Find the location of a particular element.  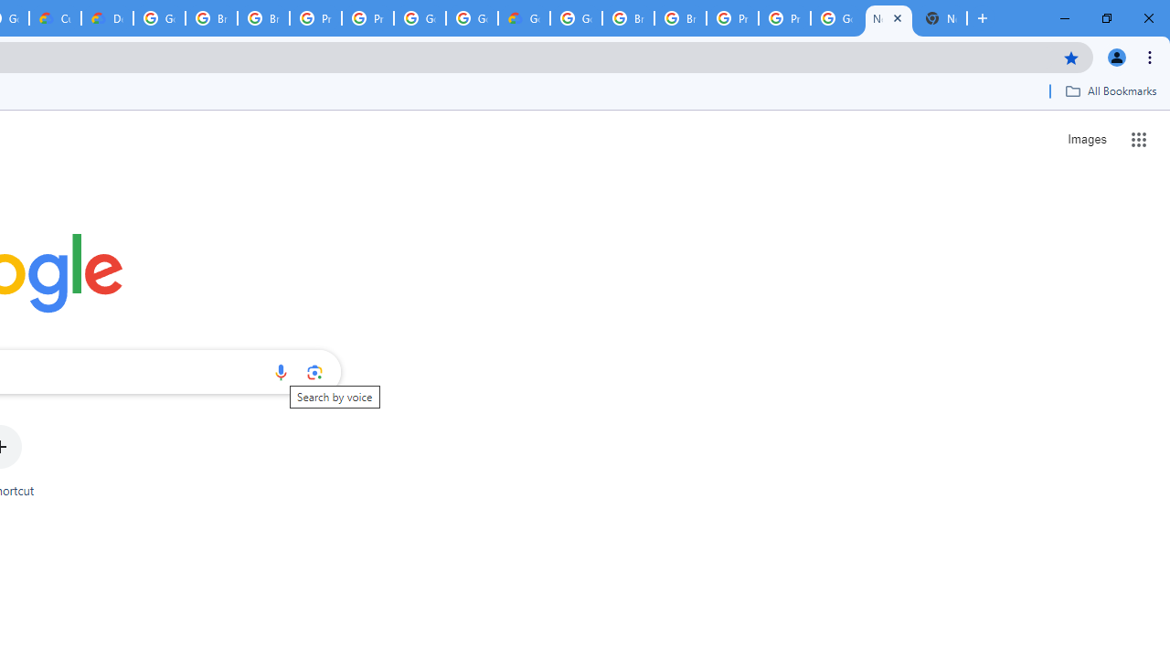

'Google Cloud Platform' is located at coordinates (472, 18).